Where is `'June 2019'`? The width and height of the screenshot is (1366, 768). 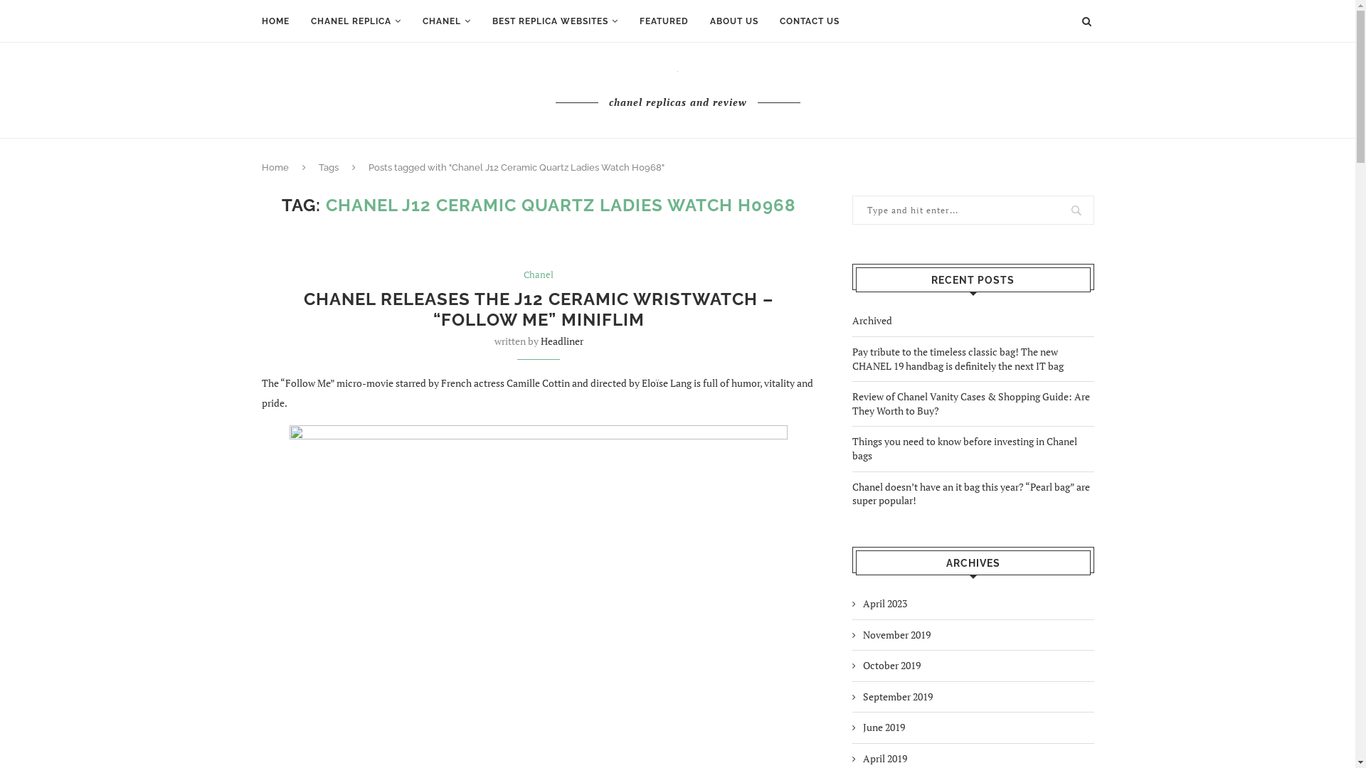 'June 2019' is located at coordinates (877, 727).